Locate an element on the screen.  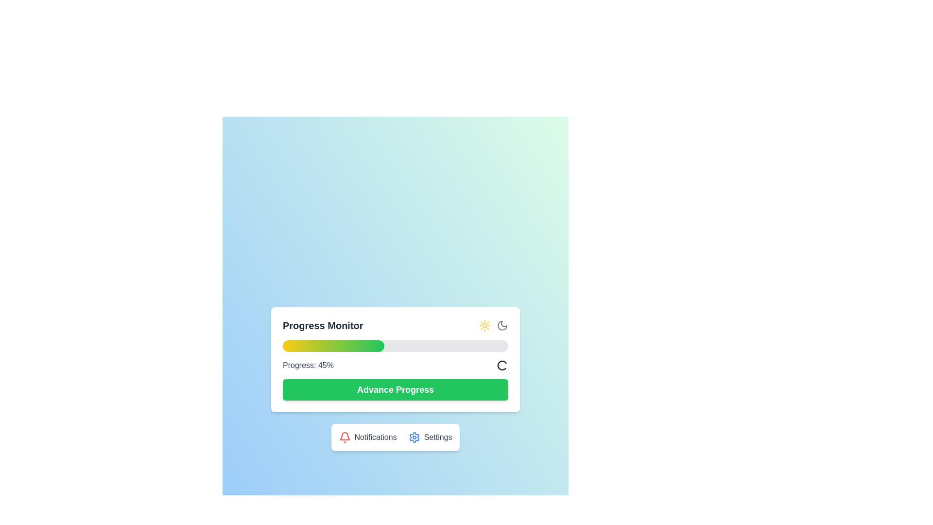
the Loader icon, which is located in the top-right corner of the 'Progress Monitor' card, adjacent to the progress description and the 'Advance Progress' button is located at coordinates (502, 366).